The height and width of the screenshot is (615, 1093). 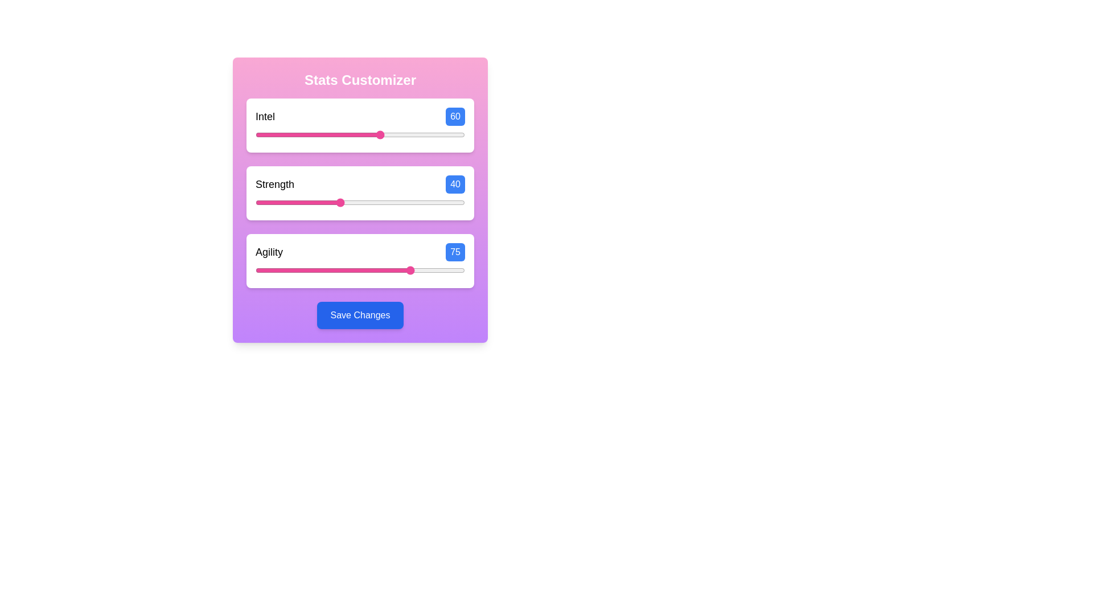 What do you see at coordinates (301, 270) in the screenshot?
I see `the agility value` at bounding box center [301, 270].